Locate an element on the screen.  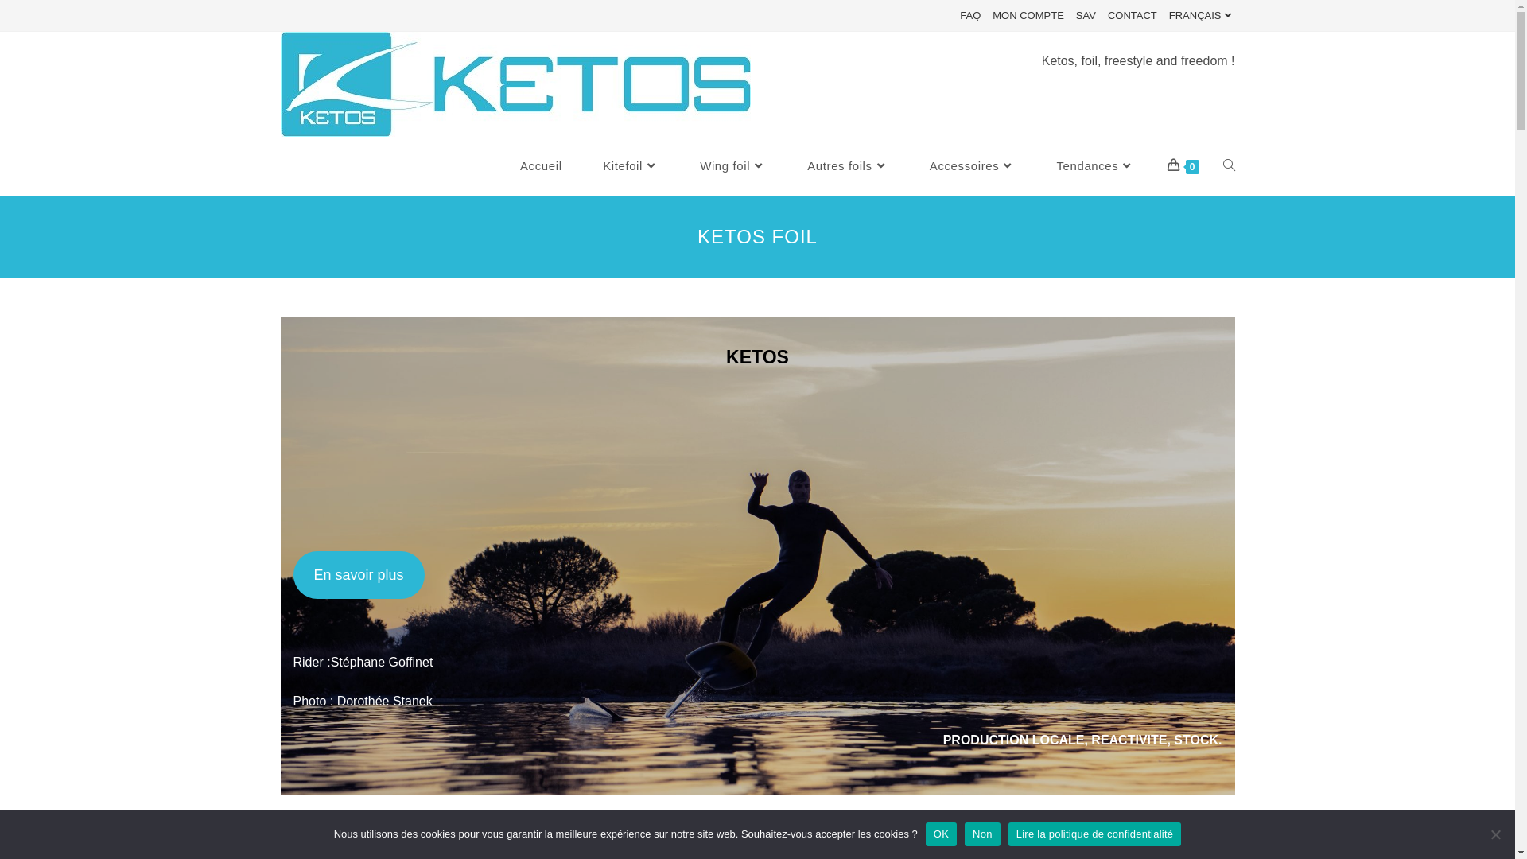
'MON COMPTE' is located at coordinates (1028, 15).